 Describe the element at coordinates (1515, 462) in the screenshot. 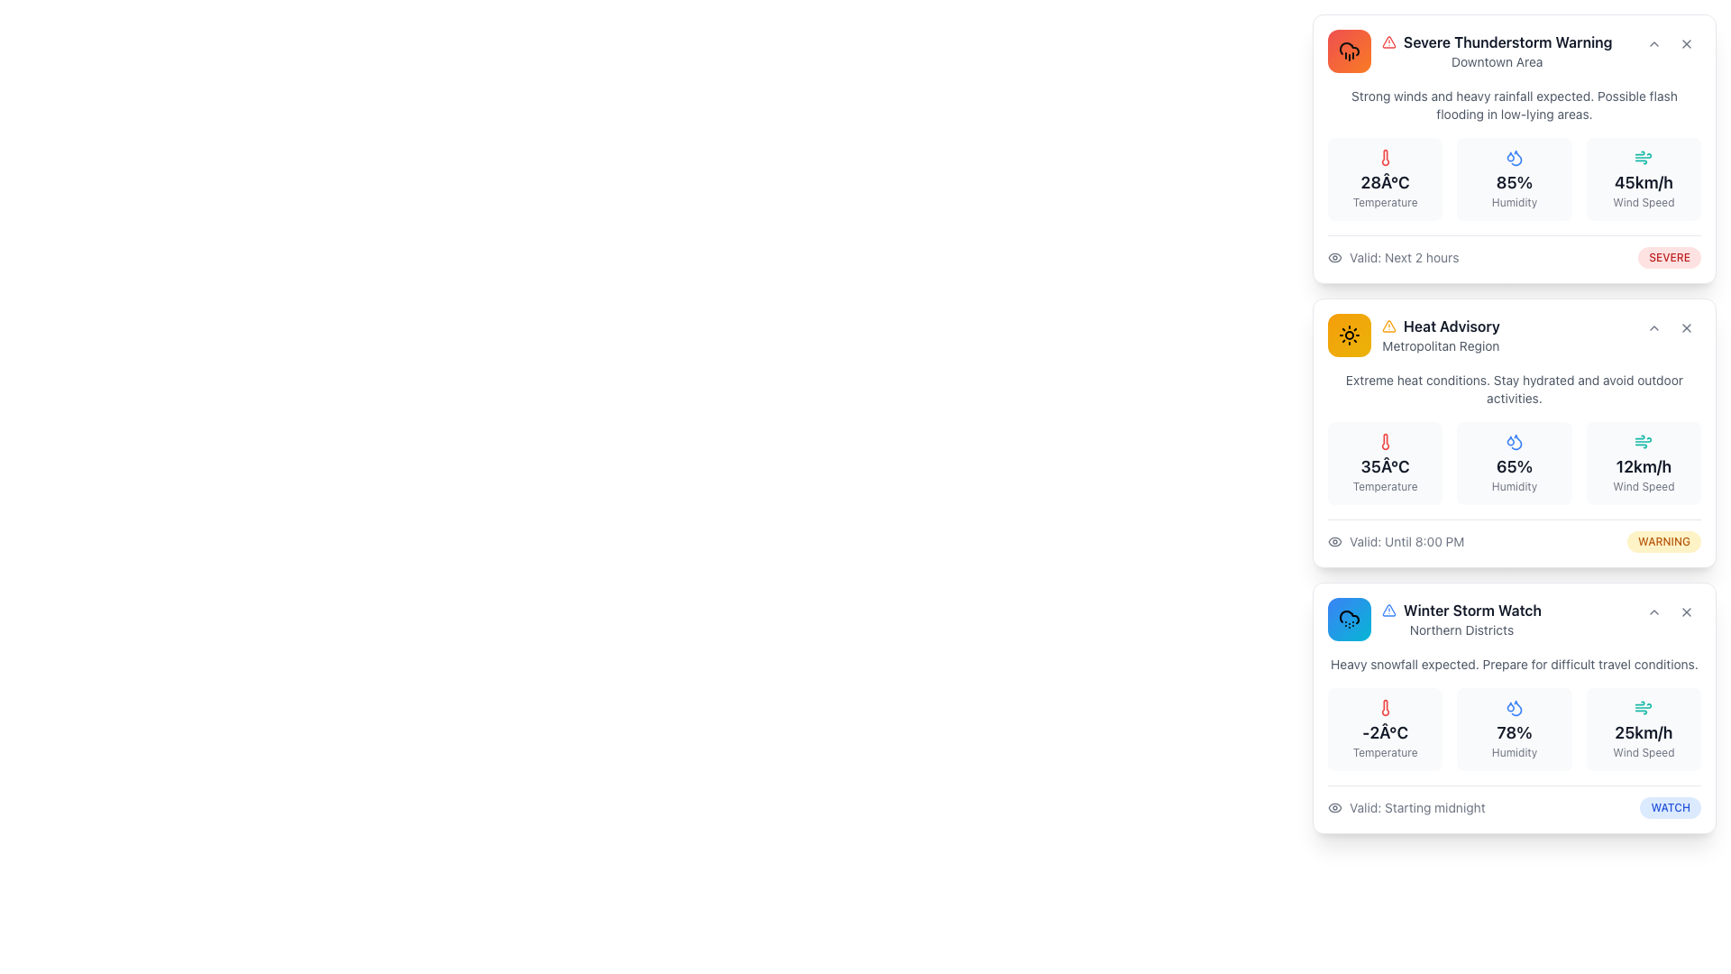

I see `the middle weather display card showing humidity level, which is located between the Temperature and Wind Speed blocks in the weather advisory section` at that location.